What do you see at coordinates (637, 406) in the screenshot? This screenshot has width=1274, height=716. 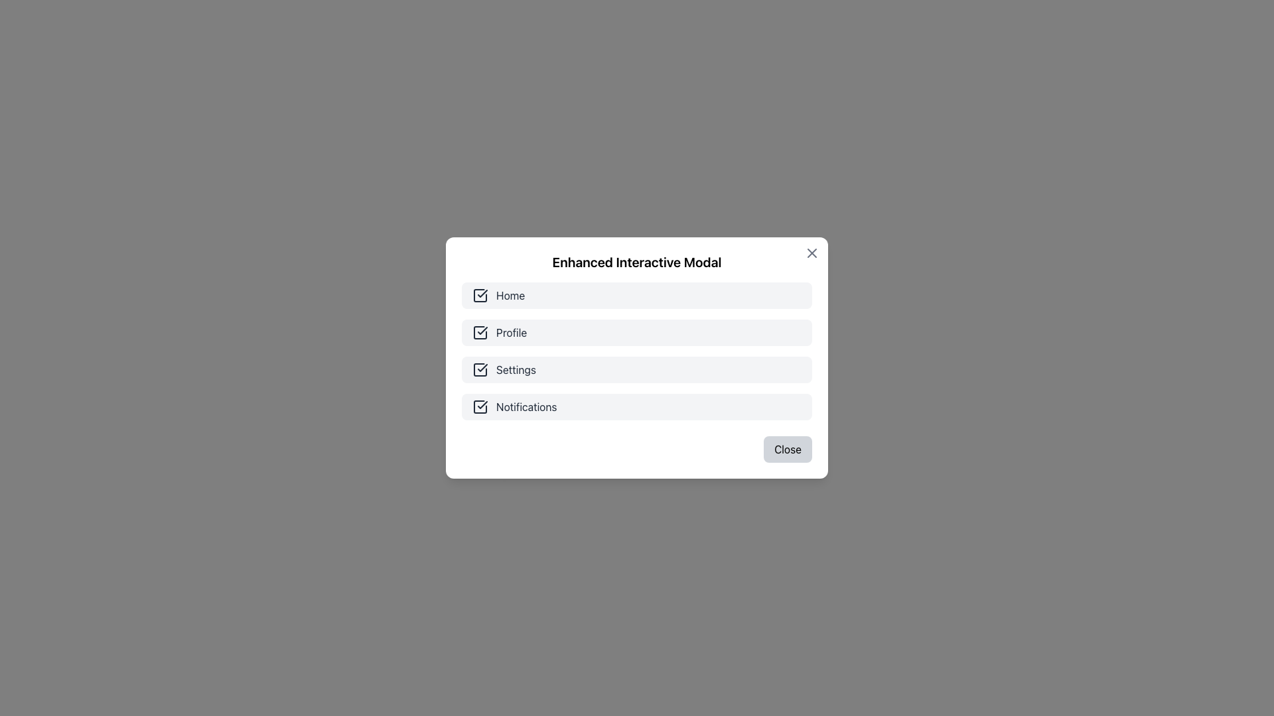 I see `the 'Notifications' button located below the 'Settings' option and activate it using the keyboard` at bounding box center [637, 406].